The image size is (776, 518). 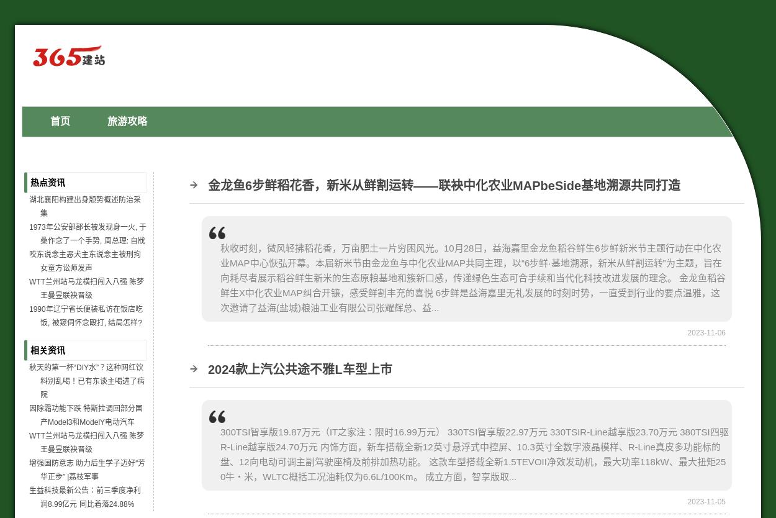 I want to click on '因除霜功能下跌 特斯拉调回部分国产Model3和ModelY电动汽车', so click(x=86, y=415).